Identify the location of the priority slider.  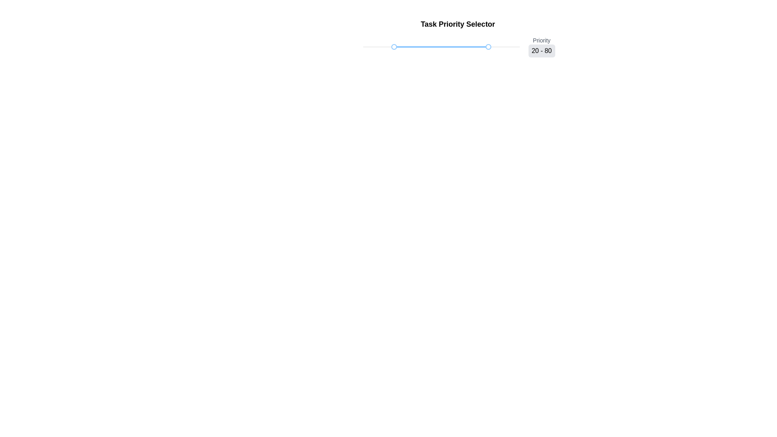
(488, 47).